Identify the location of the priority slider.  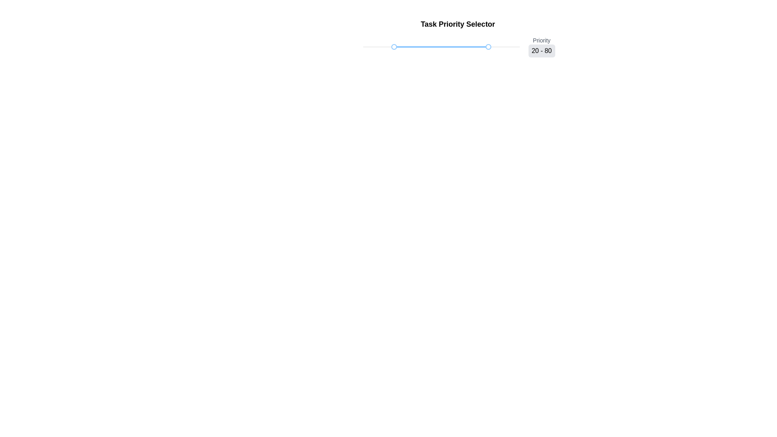
(488, 47).